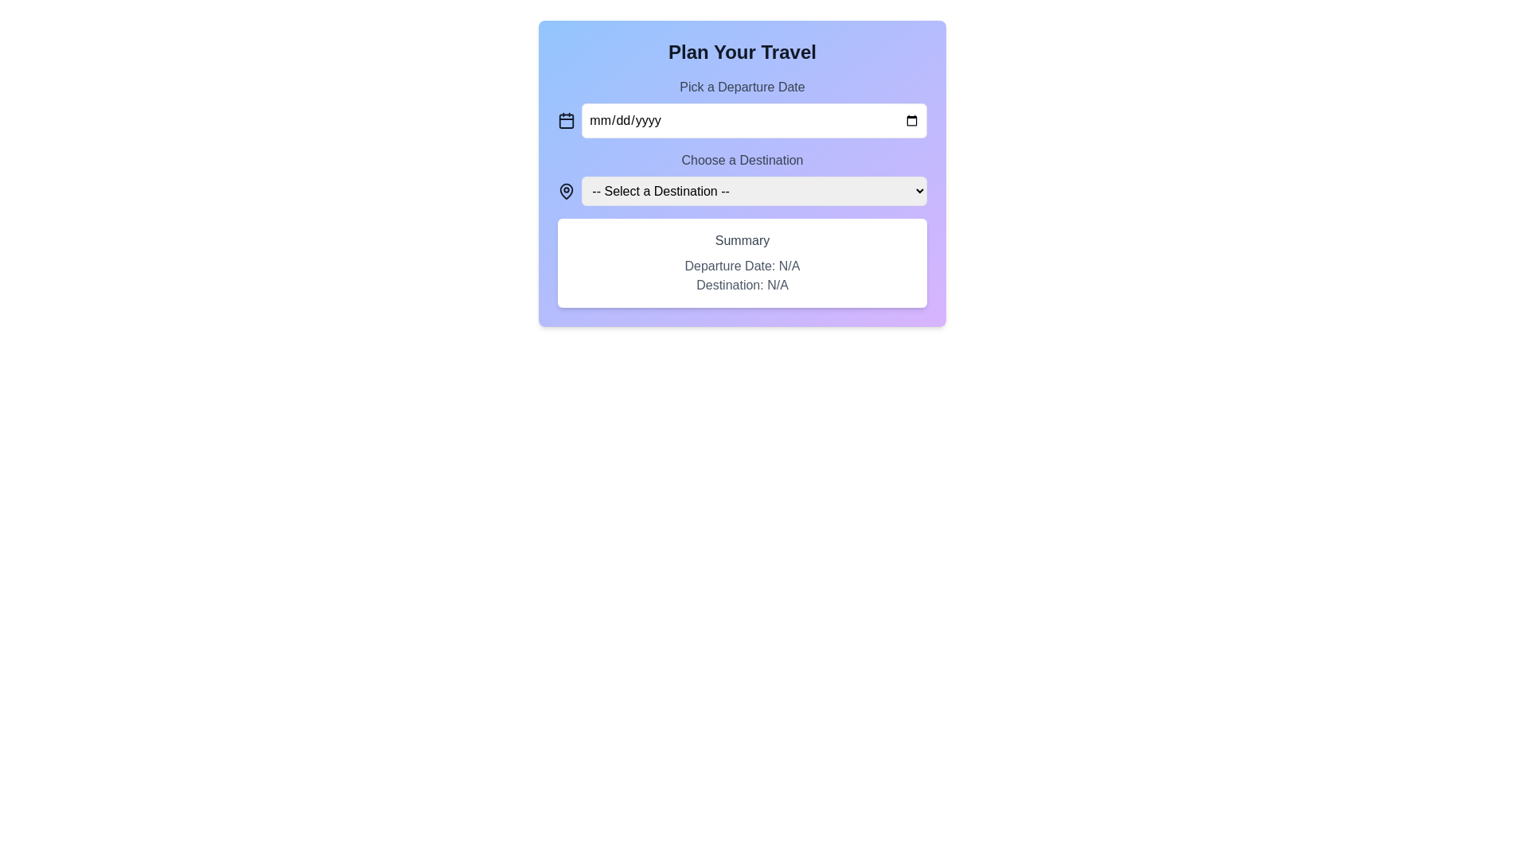  I want to click on the map pin icon that is located in the 'Choose a Destination' group, next to the '-- Select a Destination --' dropdown, so click(567, 190).